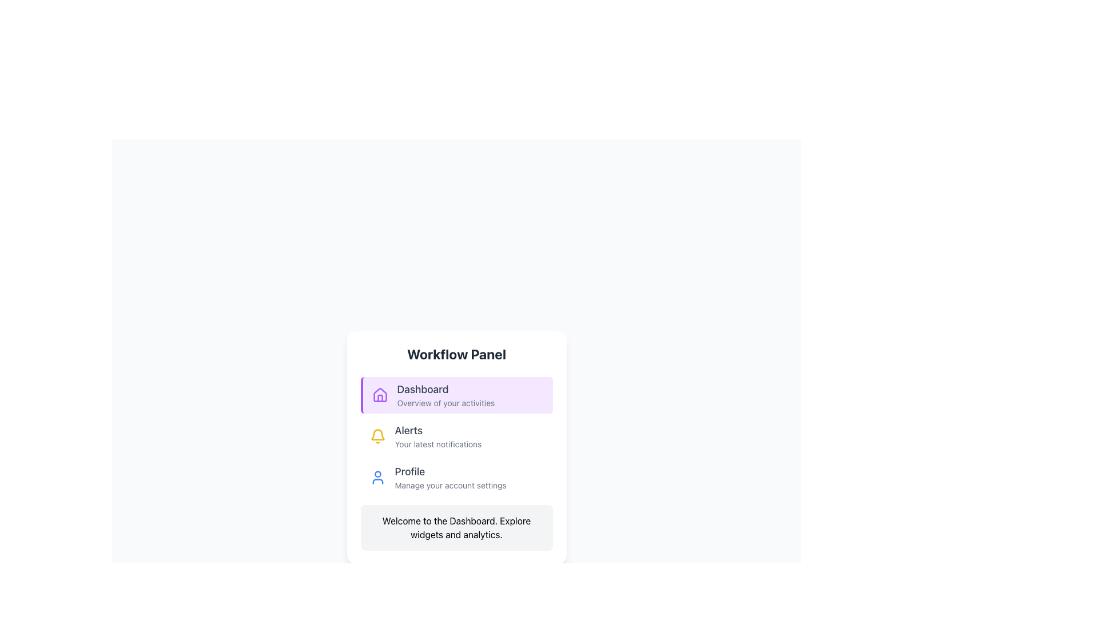 The height and width of the screenshot is (617, 1098). I want to click on the 'Profile' menu item, which features a bold dark gray header and a descriptive lighter gray subtext, to trigger its hover effects, so click(450, 478).